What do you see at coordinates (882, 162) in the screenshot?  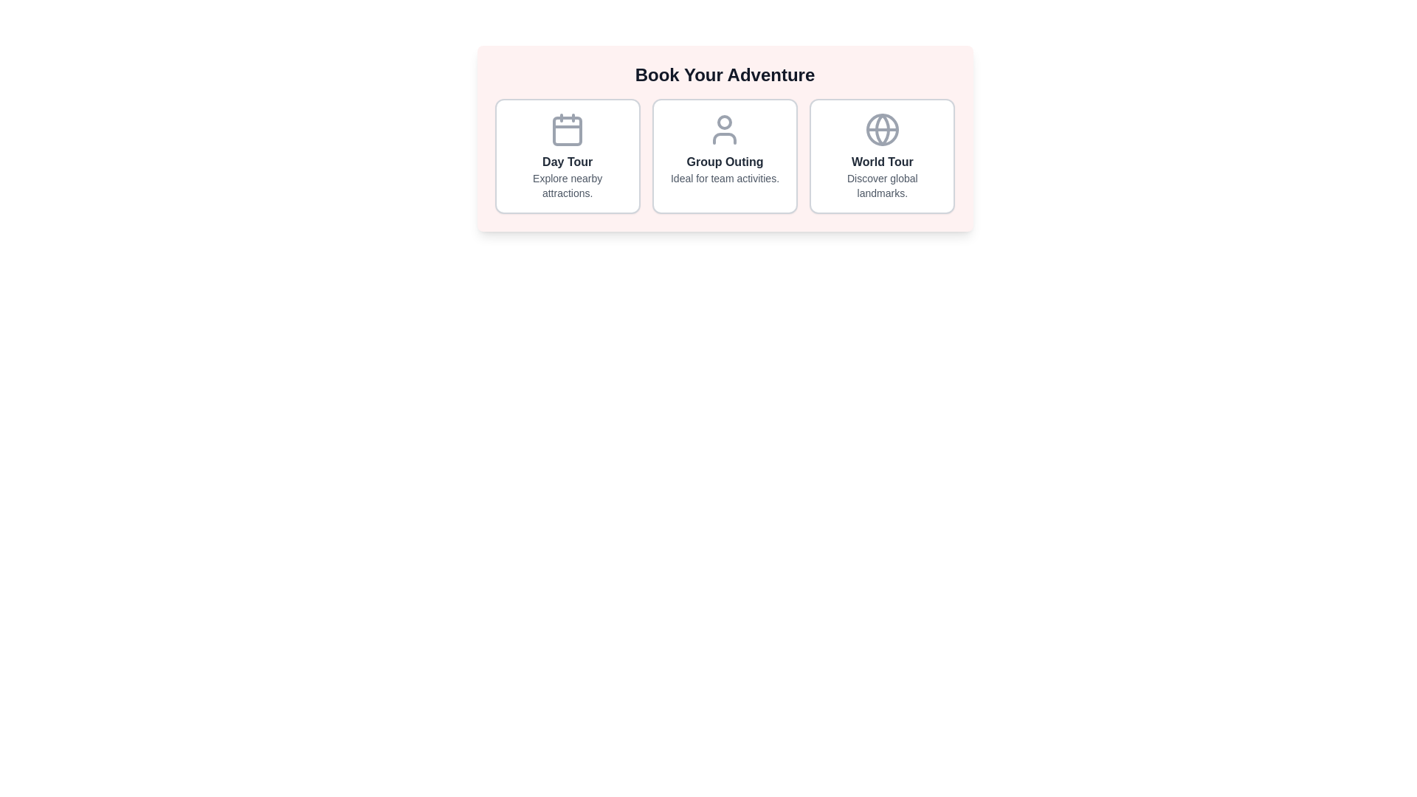 I see `the text label reading 'World Tour' styled with a bold font, located in the rightmost column under 'Book Your Adventure'` at bounding box center [882, 162].